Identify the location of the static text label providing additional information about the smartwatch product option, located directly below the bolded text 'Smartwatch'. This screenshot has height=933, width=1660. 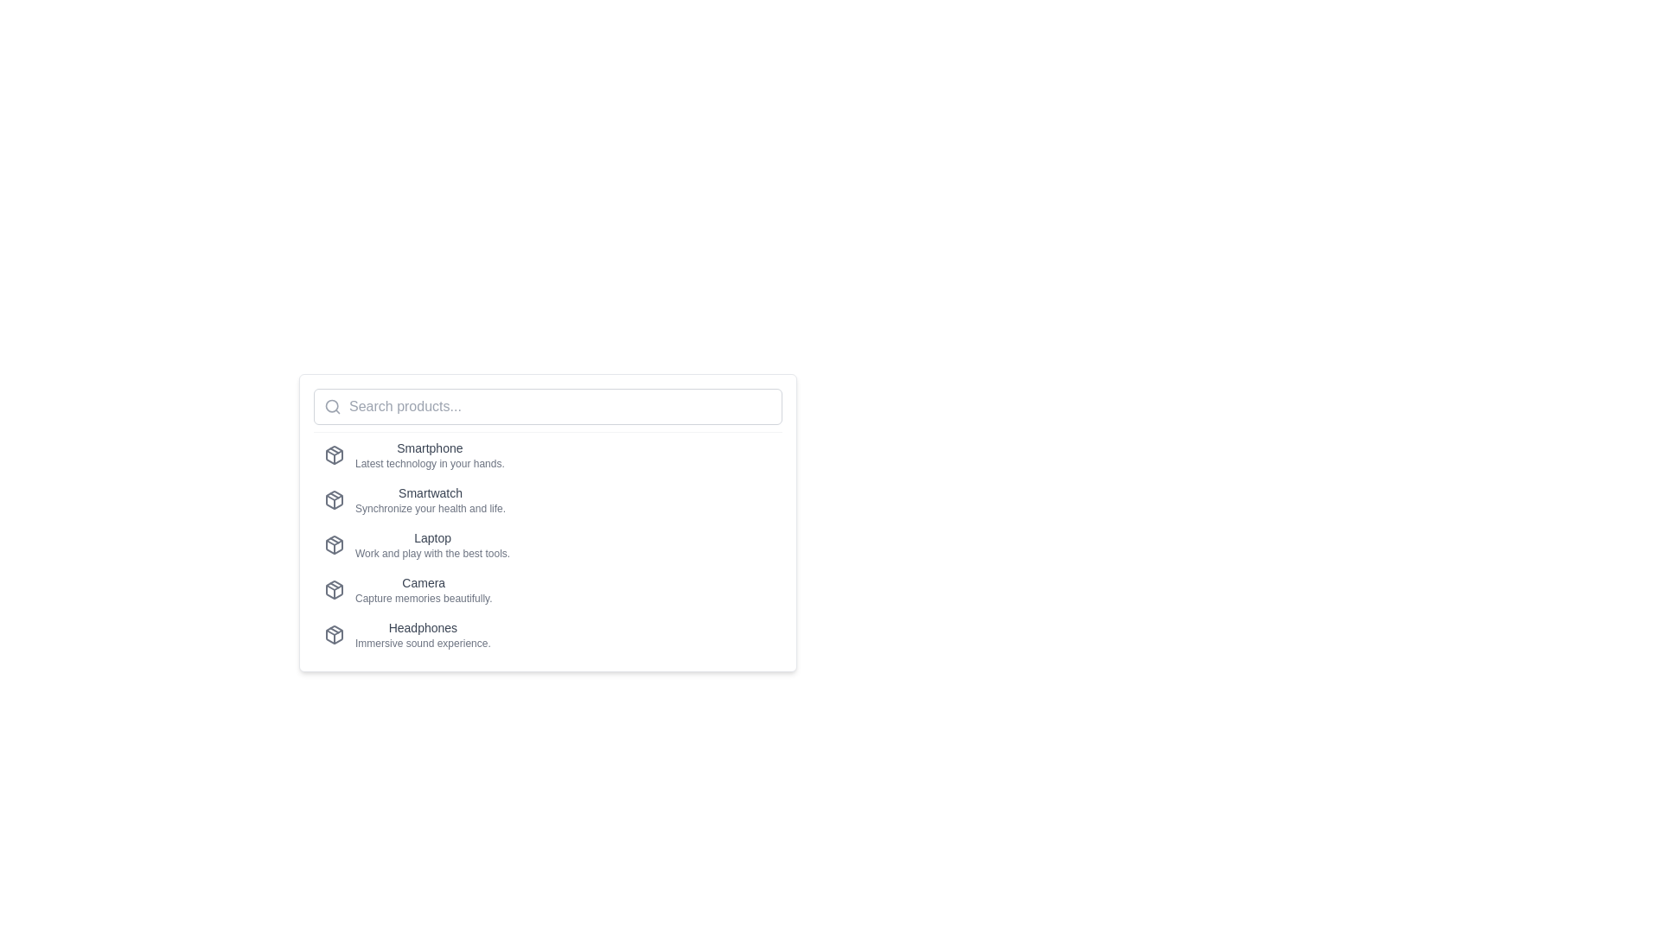
(431, 508).